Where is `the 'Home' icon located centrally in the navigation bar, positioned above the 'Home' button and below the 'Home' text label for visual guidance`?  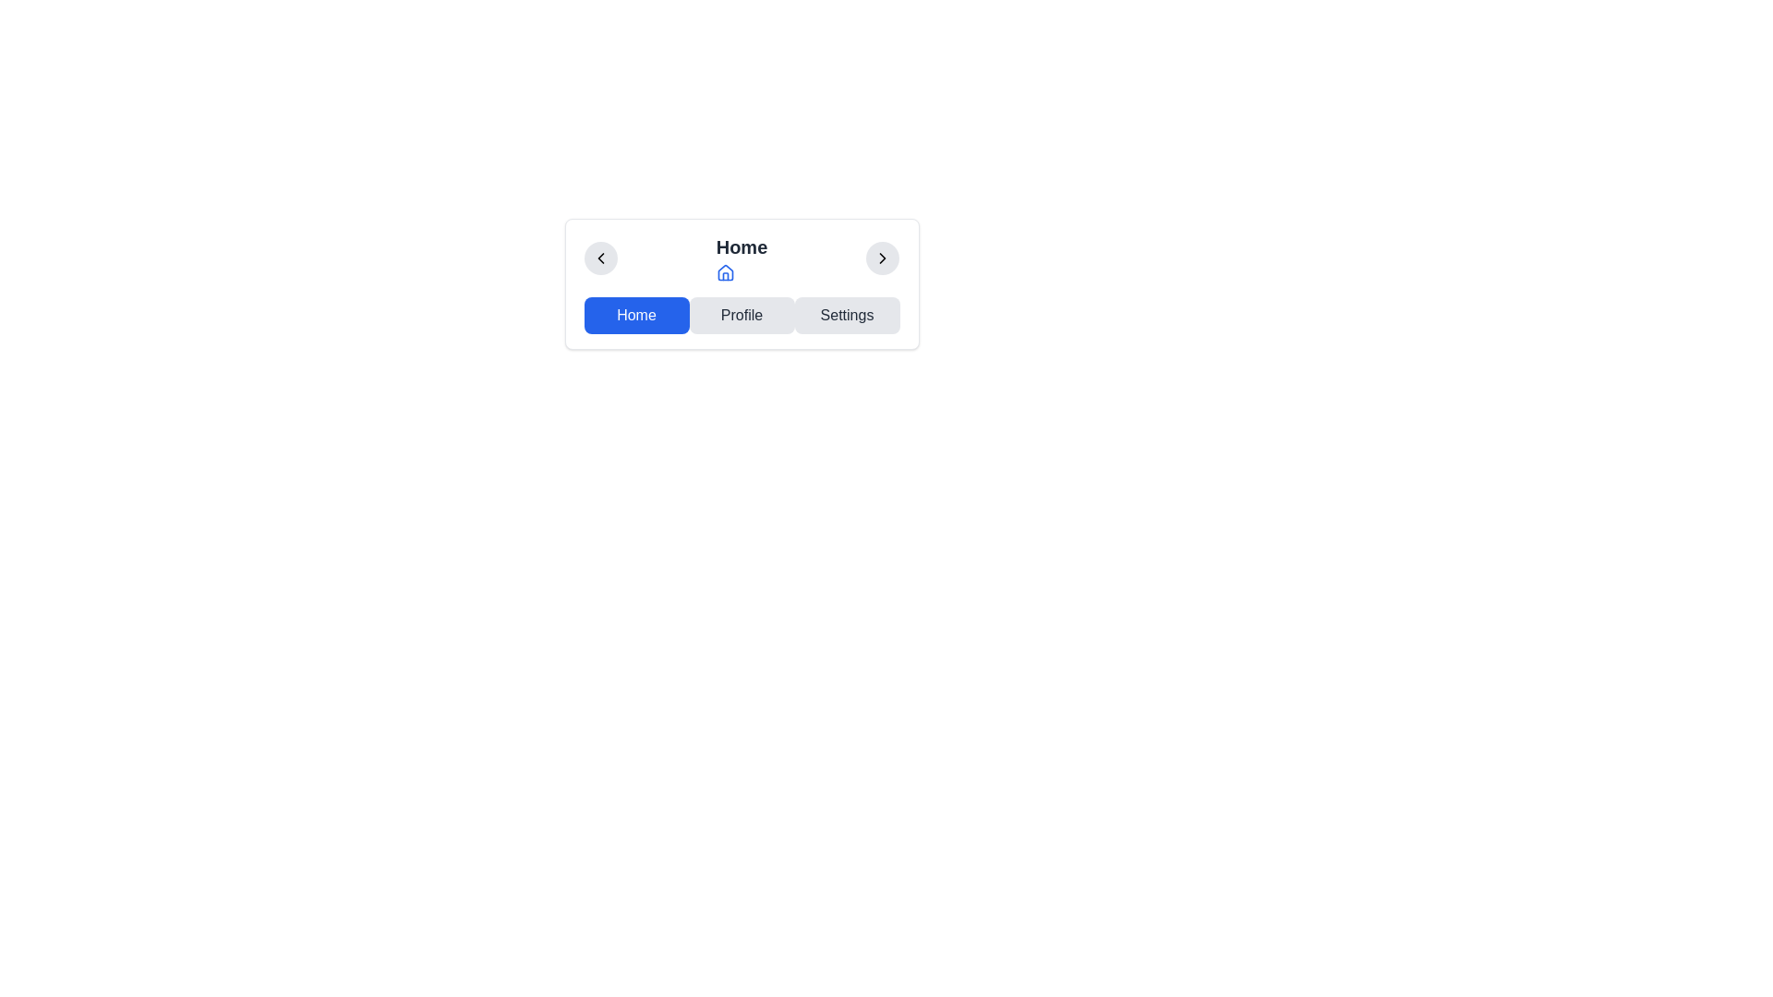
the 'Home' icon located centrally in the navigation bar, positioned above the 'Home' button and below the 'Home' text label for visual guidance is located at coordinates (724, 273).